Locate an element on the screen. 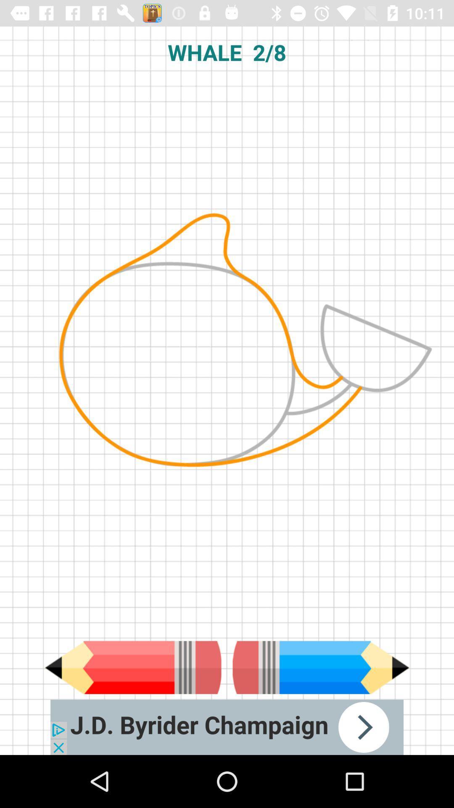  advertisement is located at coordinates (227, 727).